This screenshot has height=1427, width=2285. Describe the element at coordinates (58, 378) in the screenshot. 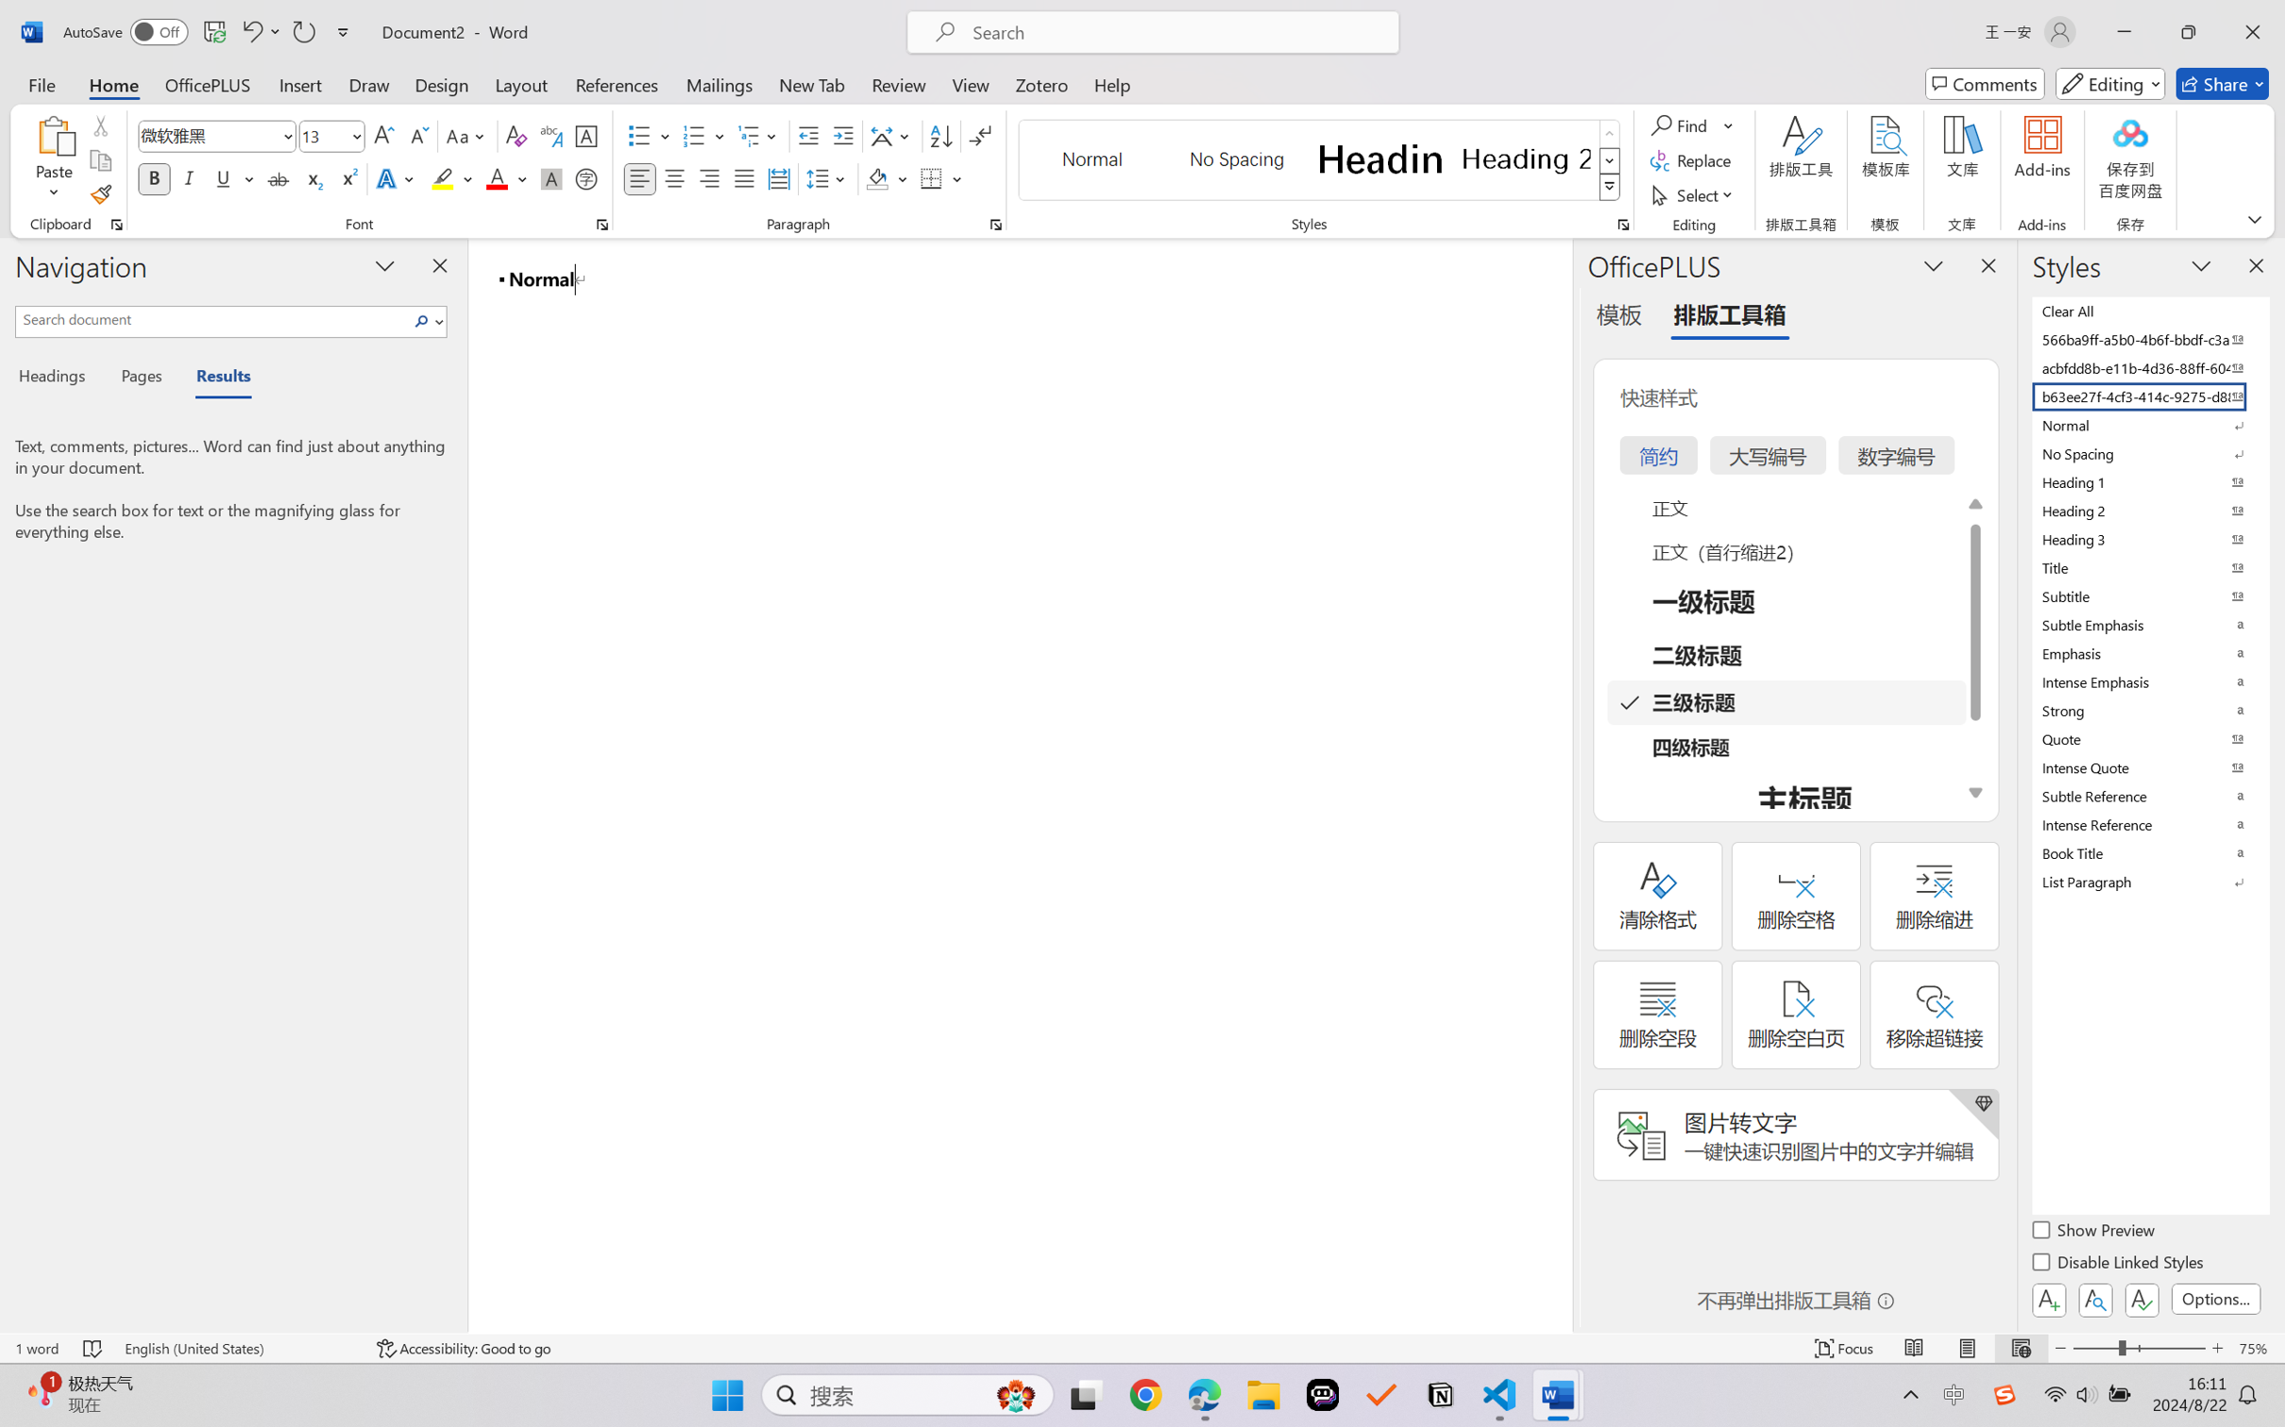

I see `'Headings'` at that location.